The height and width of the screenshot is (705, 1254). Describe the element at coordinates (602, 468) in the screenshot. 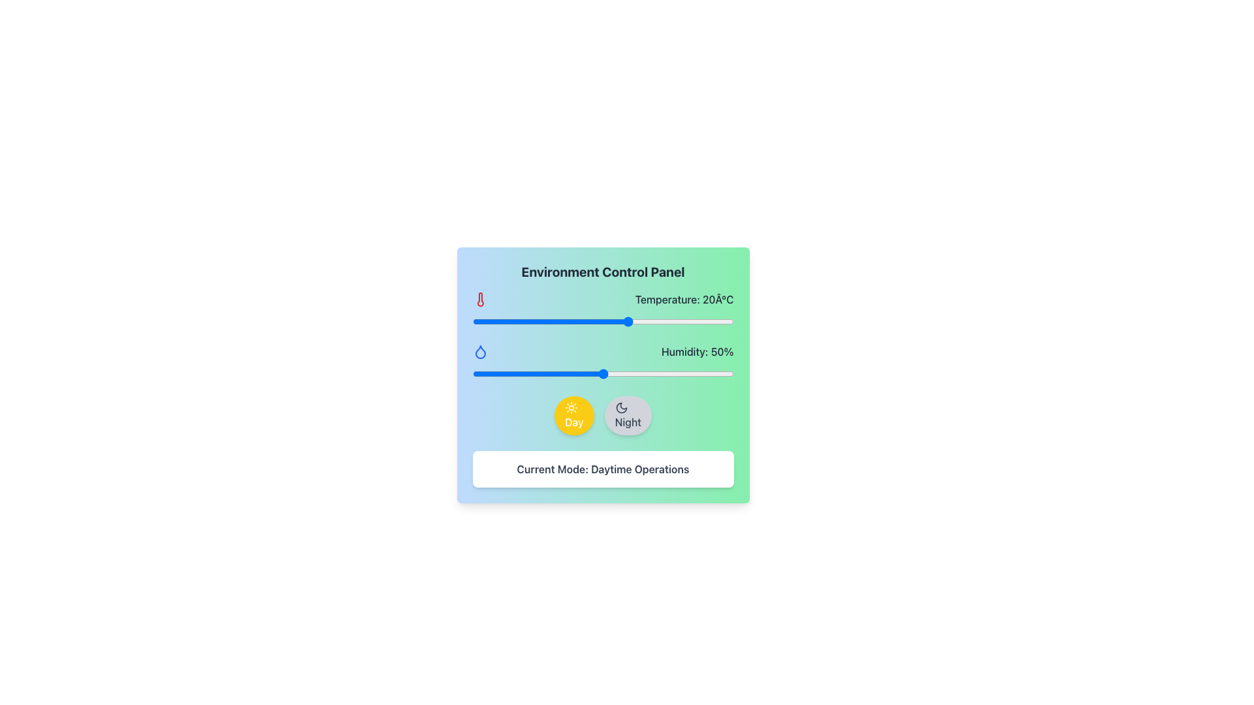

I see `the 'Daytime Operations' text label located at the bottom of the white rectangular card in the main interface panel` at that location.